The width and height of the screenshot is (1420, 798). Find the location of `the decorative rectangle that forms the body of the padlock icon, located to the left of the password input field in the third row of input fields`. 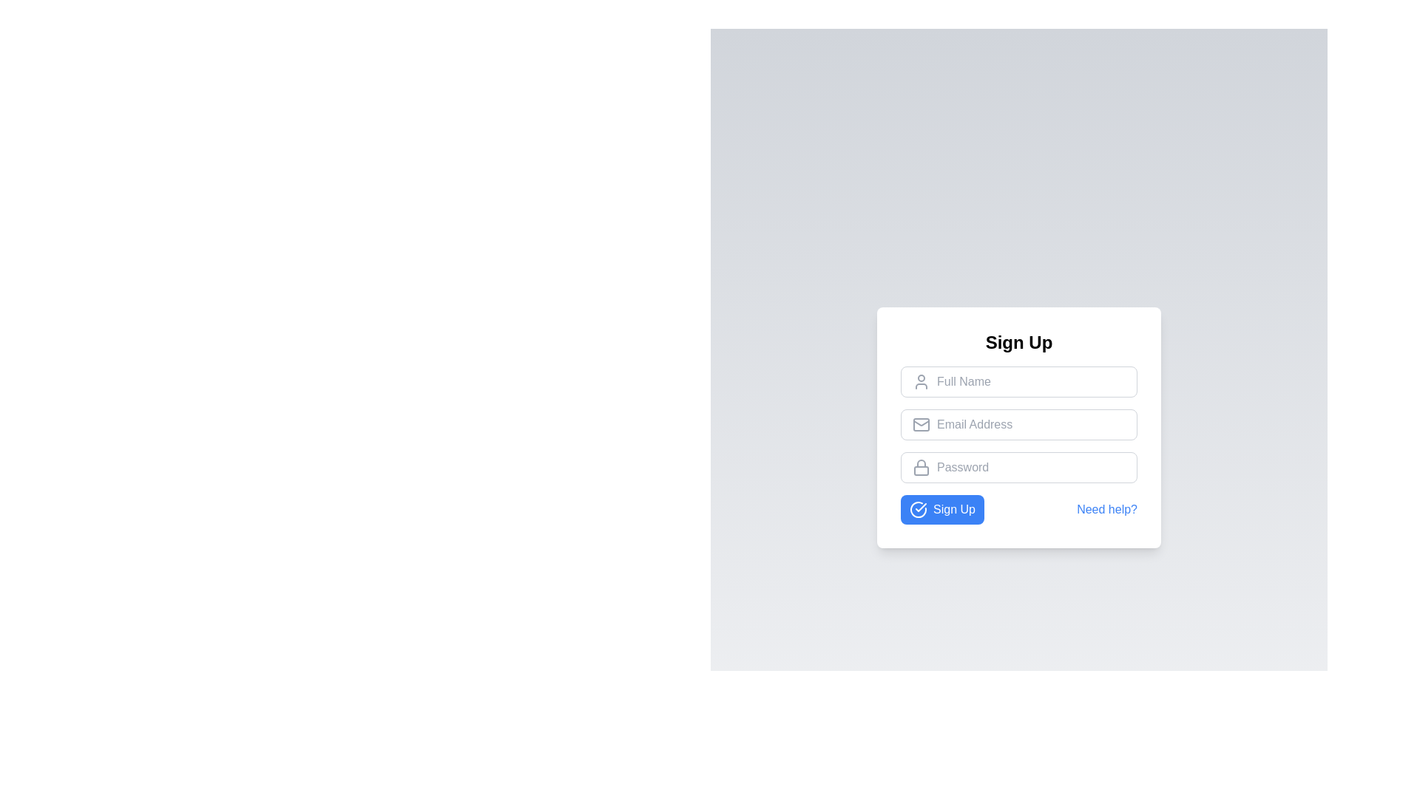

the decorative rectangle that forms the body of the padlock icon, located to the left of the password input field in the third row of input fields is located at coordinates (921, 471).